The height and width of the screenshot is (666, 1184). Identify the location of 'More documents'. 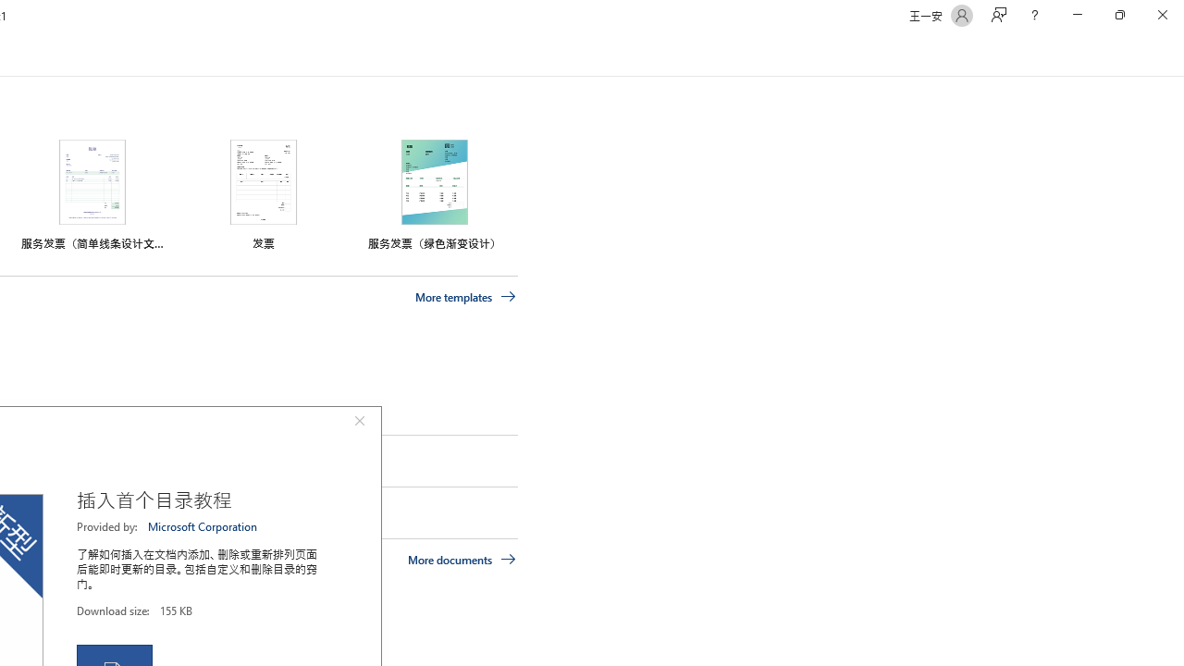
(462, 558).